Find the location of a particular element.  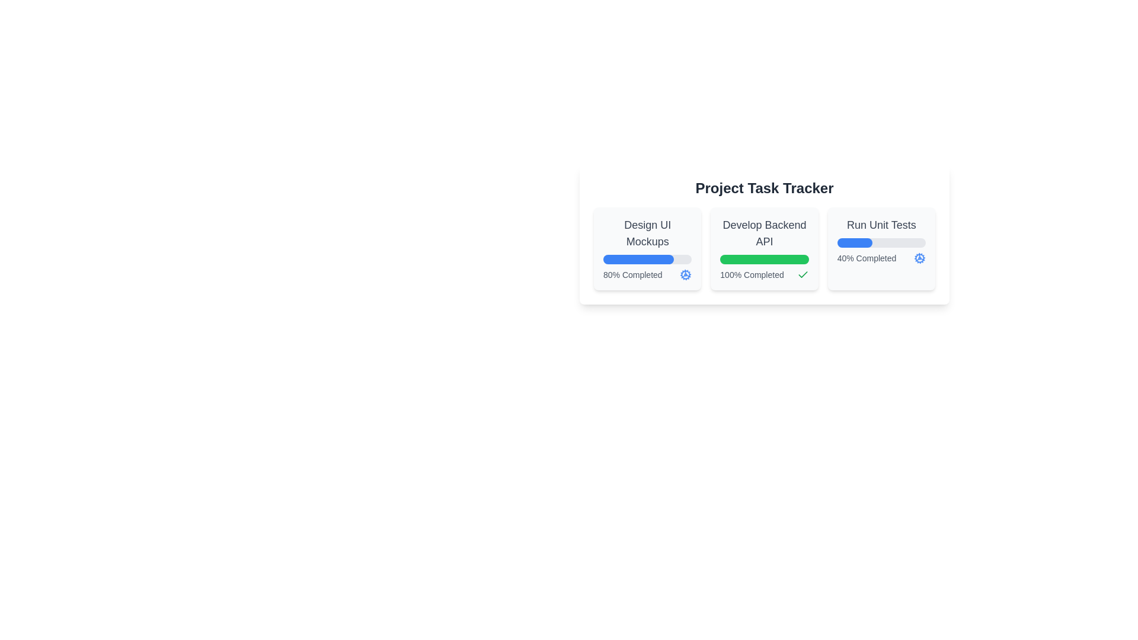

completion percentage from the text element located at the bottom of the 'Design UI Mockups' card, which includes a decorative cogwheel icon for task status indication is located at coordinates (647, 274).